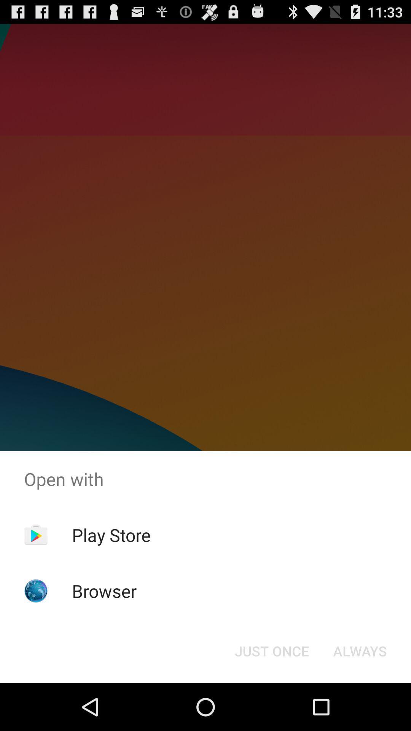 This screenshot has height=731, width=411. I want to click on icon next to just once item, so click(360, 650).